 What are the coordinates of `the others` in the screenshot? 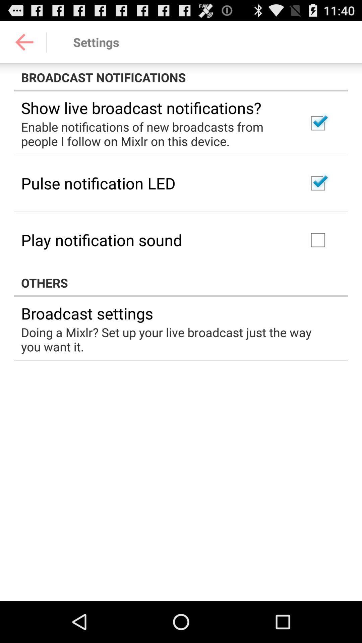 It's located at (181, 283).